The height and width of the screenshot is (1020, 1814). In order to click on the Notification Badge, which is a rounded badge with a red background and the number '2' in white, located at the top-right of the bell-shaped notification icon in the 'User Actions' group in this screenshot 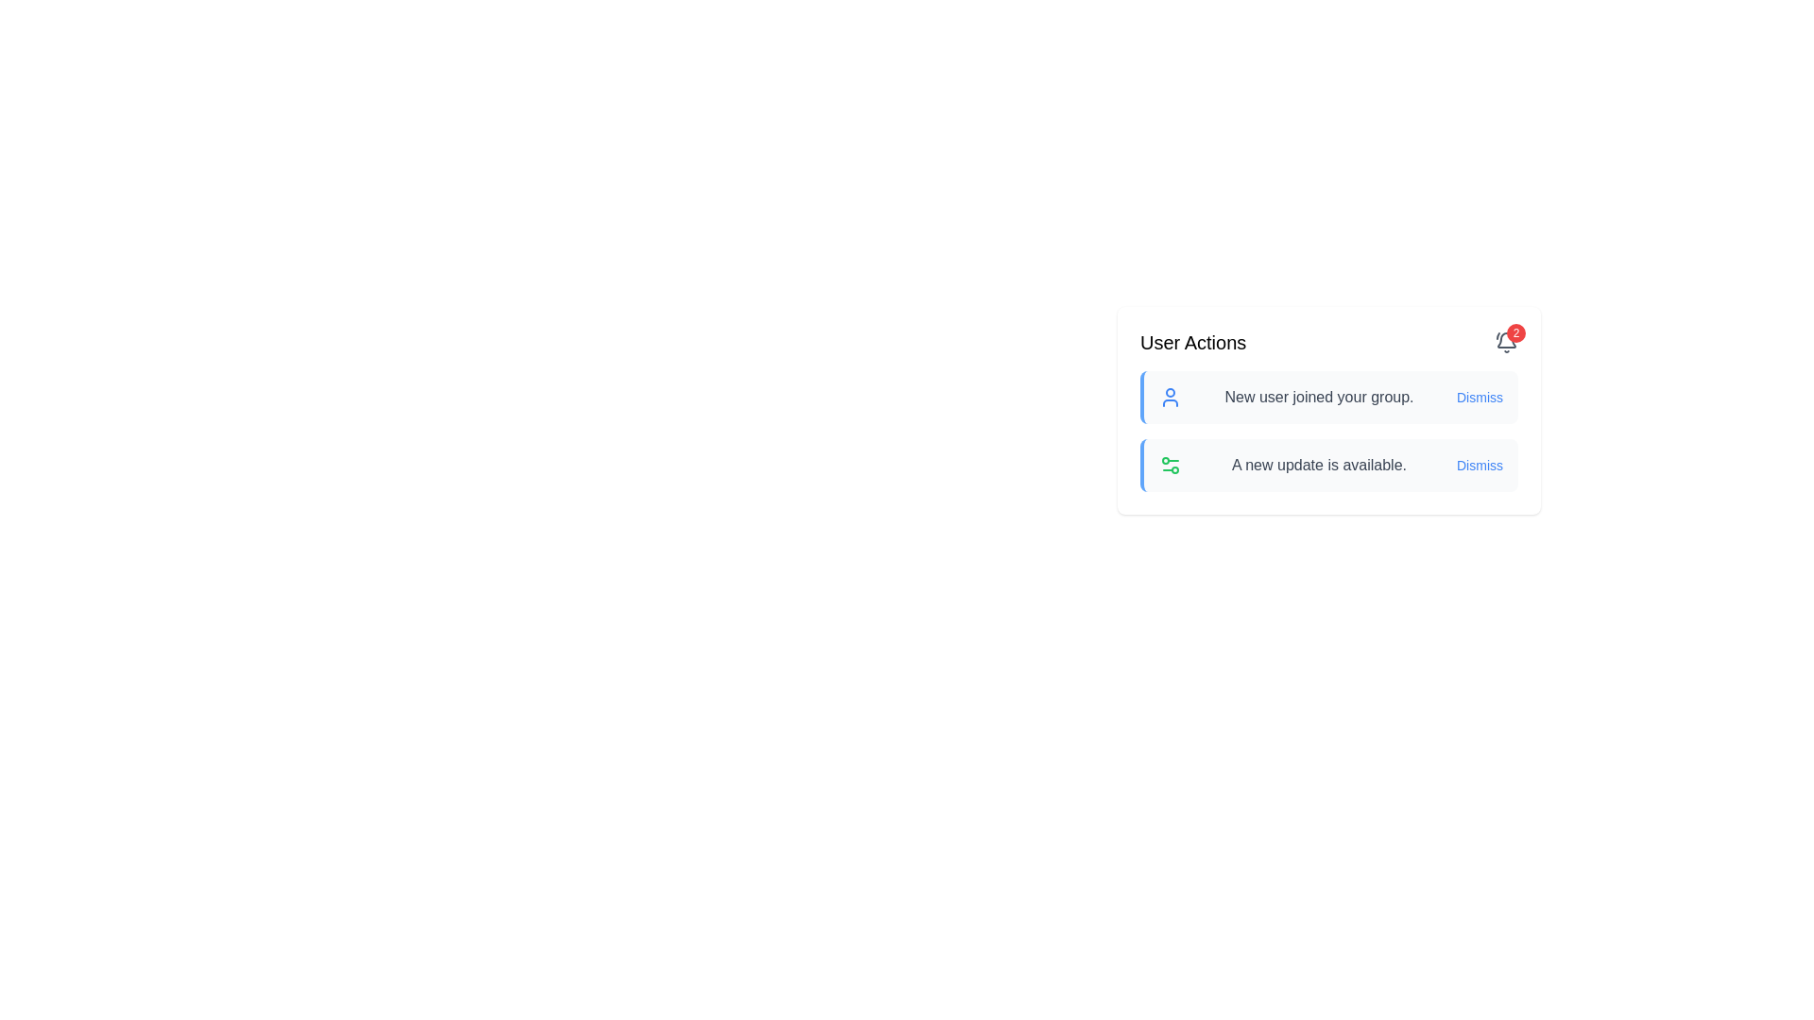, I will do `click(1505, 342)`.